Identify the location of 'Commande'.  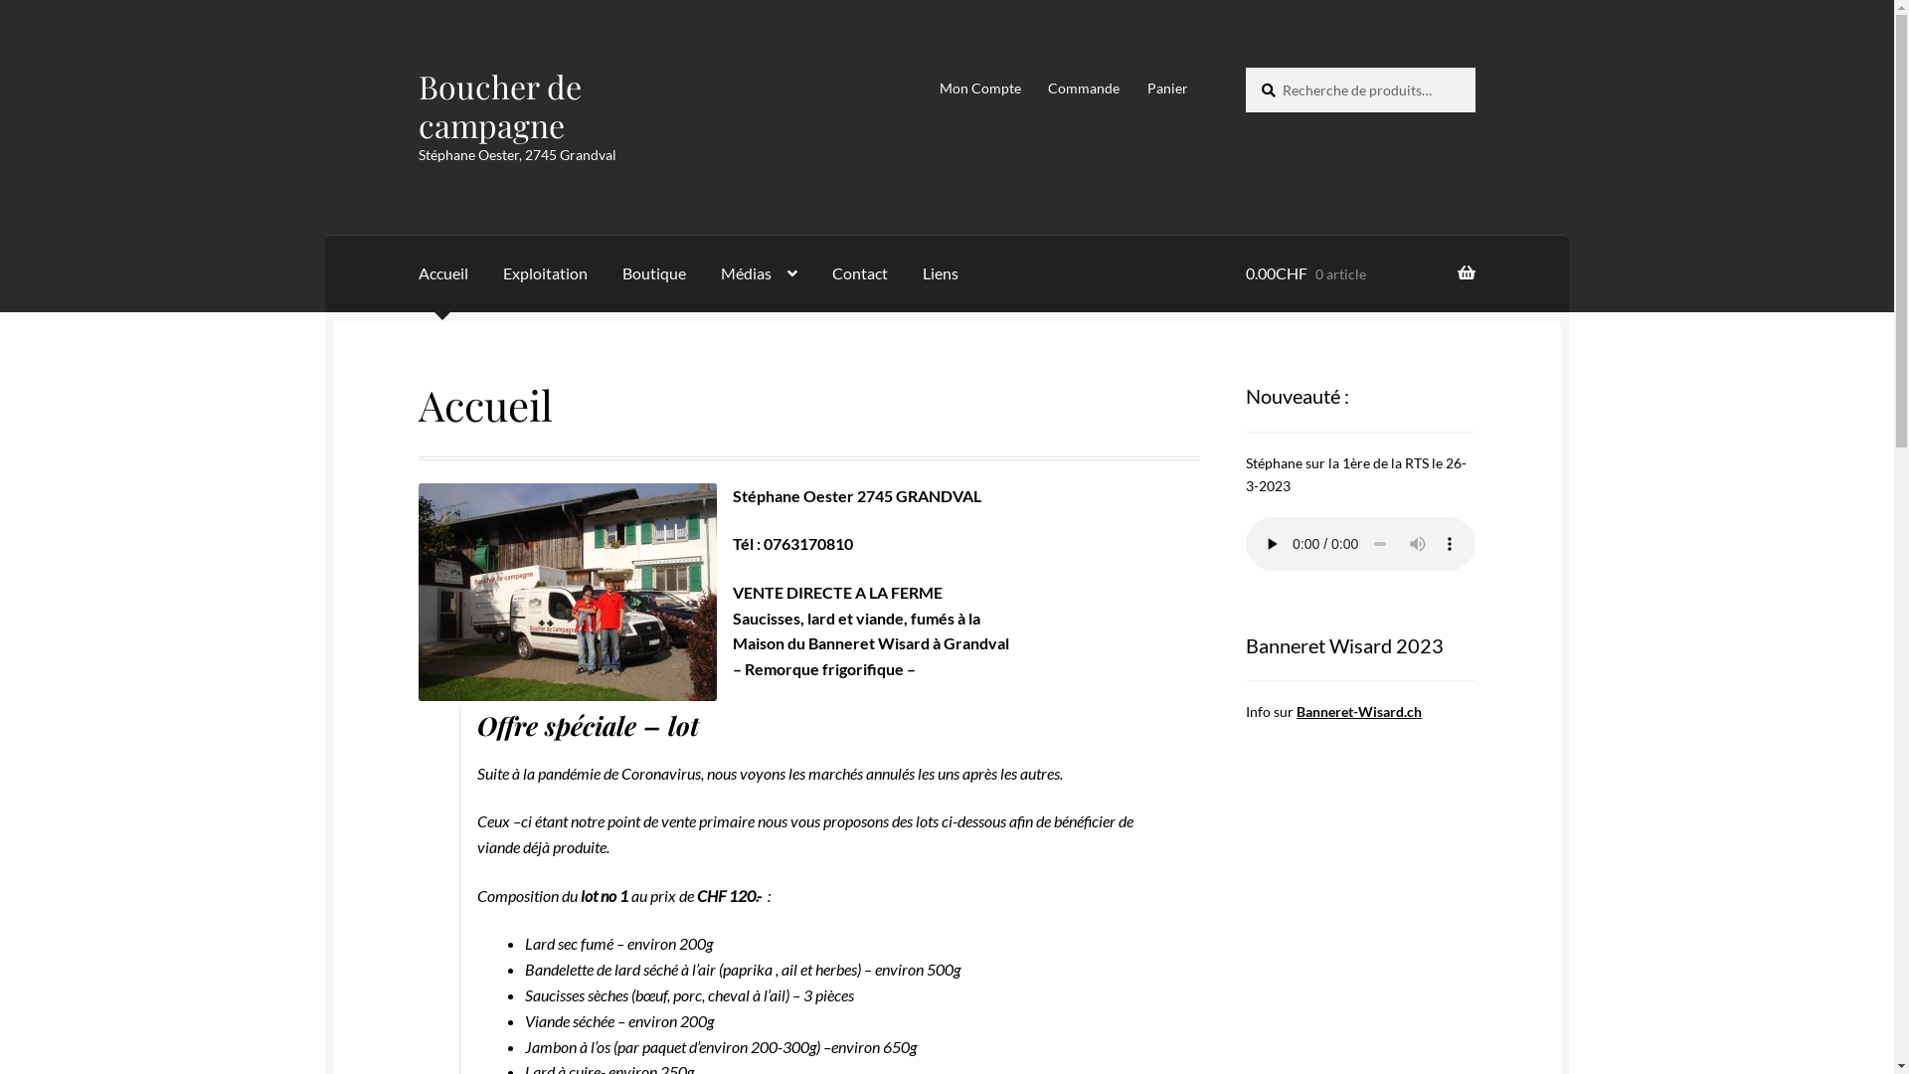
(1034, 87).